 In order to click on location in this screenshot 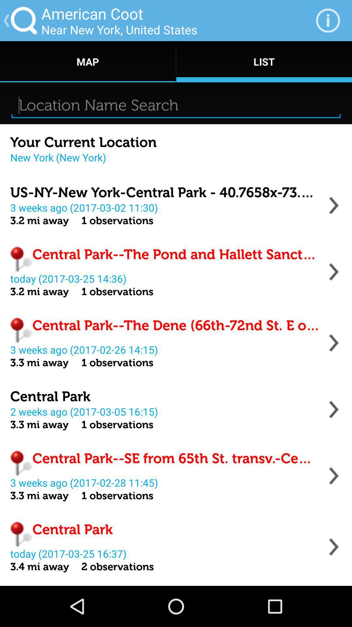, I will do `click(334, 205)`.